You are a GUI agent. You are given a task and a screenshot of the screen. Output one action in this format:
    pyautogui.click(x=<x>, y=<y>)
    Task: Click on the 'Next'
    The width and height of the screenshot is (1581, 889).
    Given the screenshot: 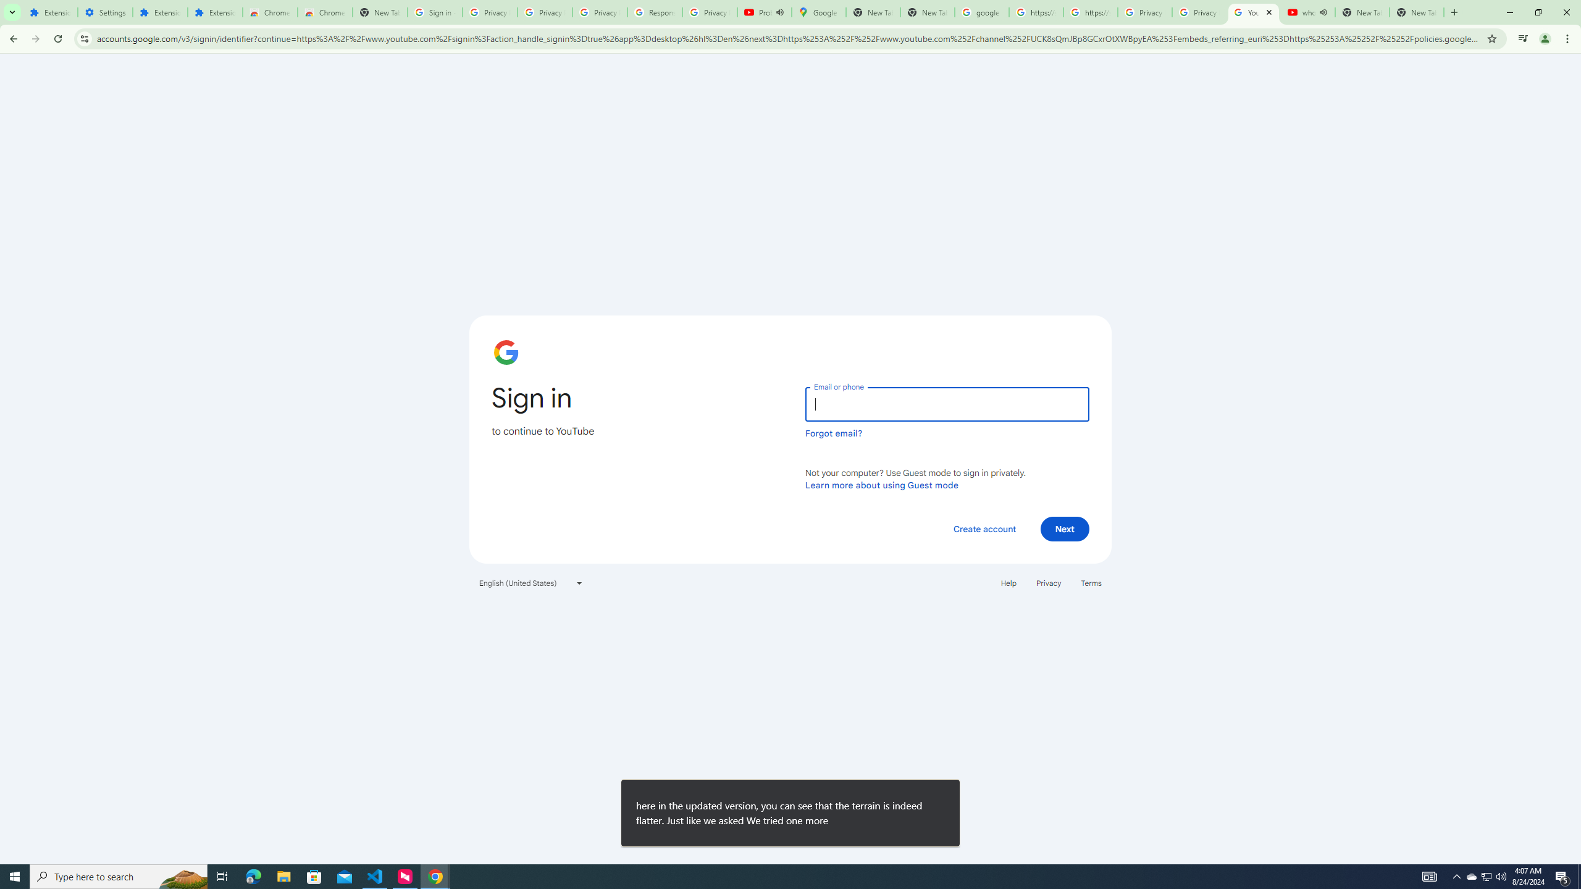 What is the action you would take?
    pyautogui.click(x=1065, y=528)
    